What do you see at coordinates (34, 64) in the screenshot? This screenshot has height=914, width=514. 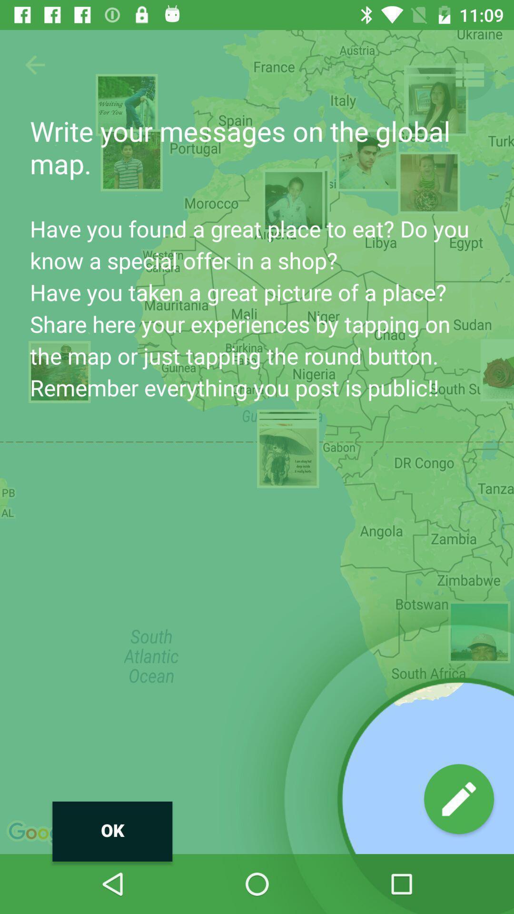 I see `go back` at bounding box center [34, 64].